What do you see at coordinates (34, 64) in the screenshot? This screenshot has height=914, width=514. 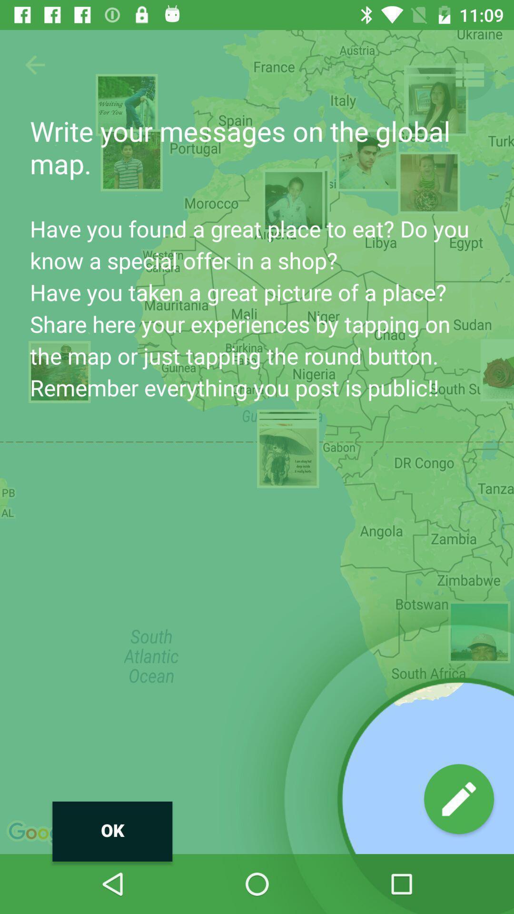 I see `go back` at bounding box center [34, 64].